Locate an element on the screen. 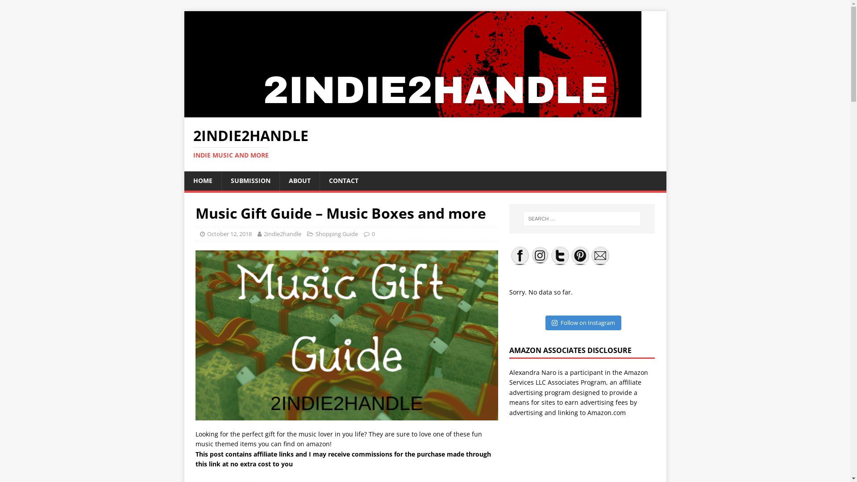 This screenshot has width=857, height=482. '2Indie2Handle' is located at coordinates (183, 112).